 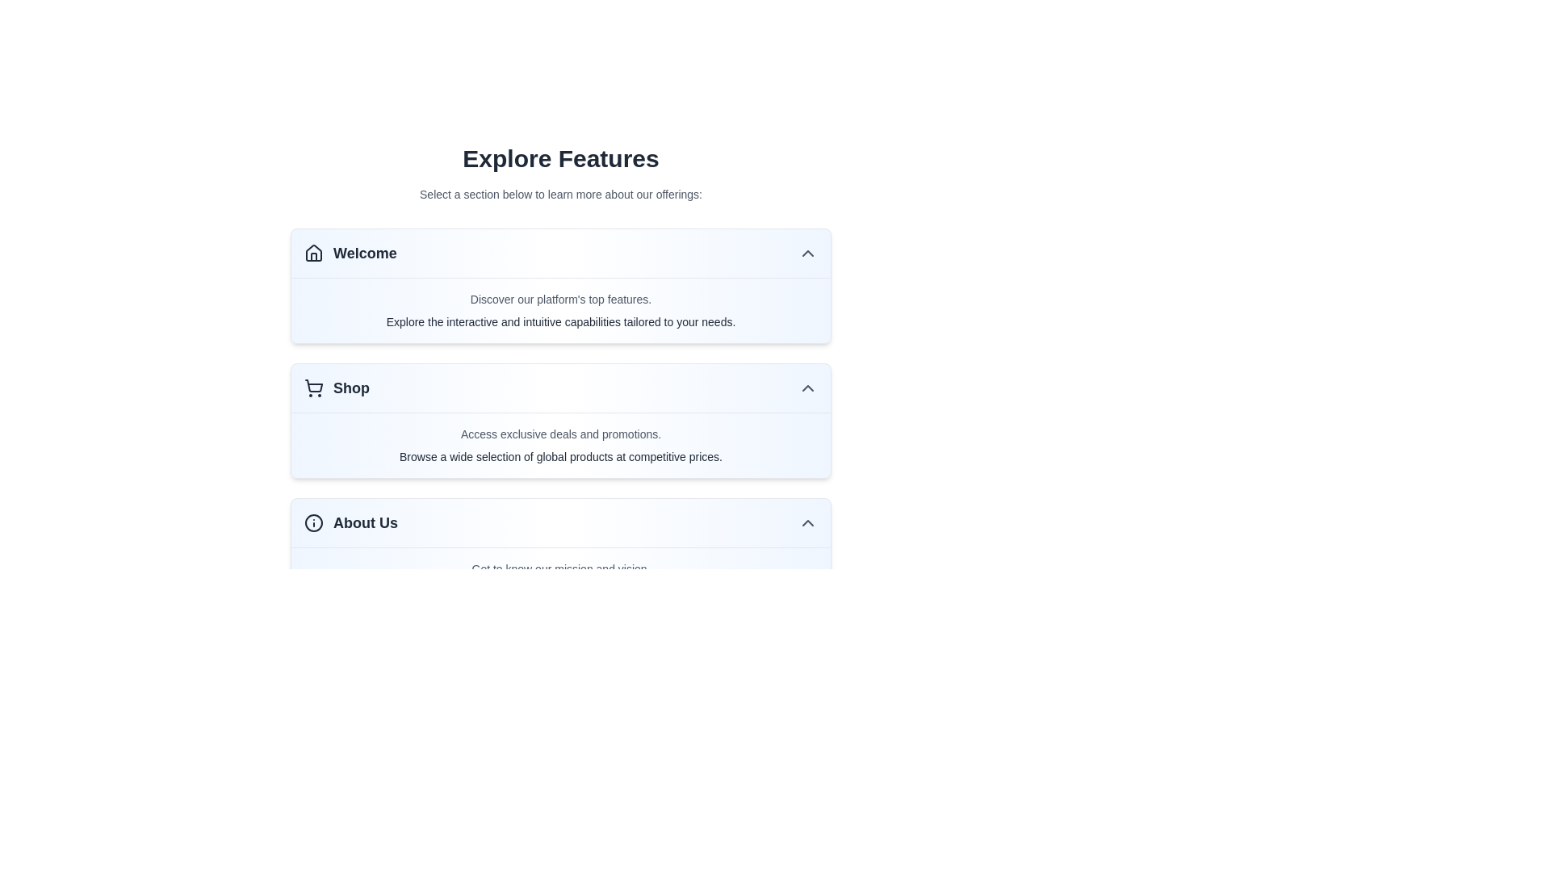 What do you see at coordinates (364, 253) in the screenshot?
I see `the 'Welcome' text label, which is a bold, large font in dark gray, located next to a house icon in the header of the 'Explore Features' page` at bounding box center [364, 253].